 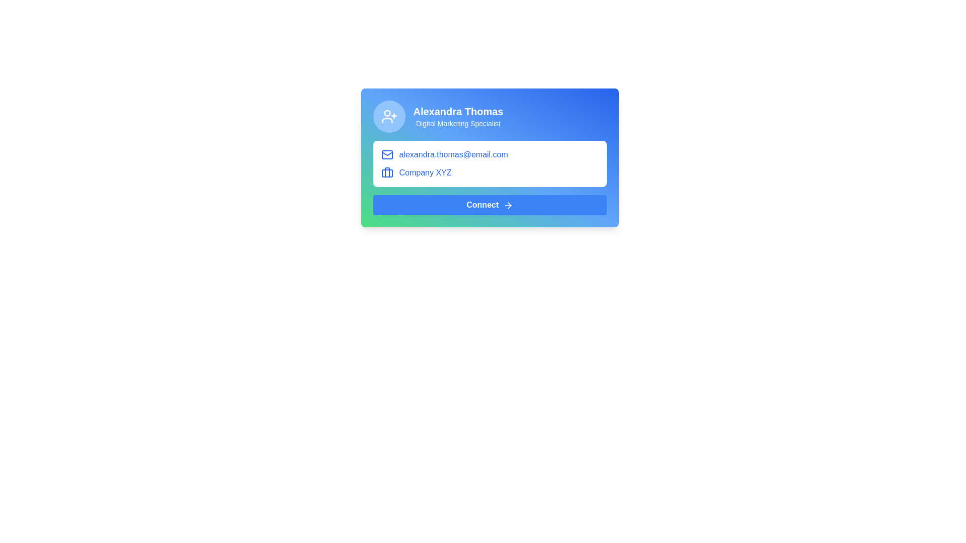 What do you see at coordinates (490, 155) in the screenshot?
I see `the email address displayed in blue font within the white card UI` at bounding box center [490, 155].